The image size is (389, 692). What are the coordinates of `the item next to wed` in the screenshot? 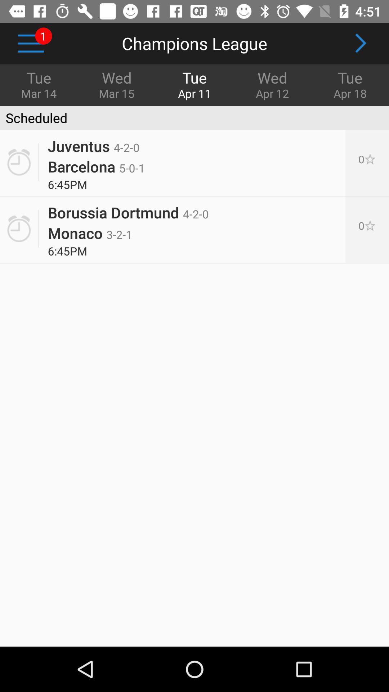 It's located at (39, 84).